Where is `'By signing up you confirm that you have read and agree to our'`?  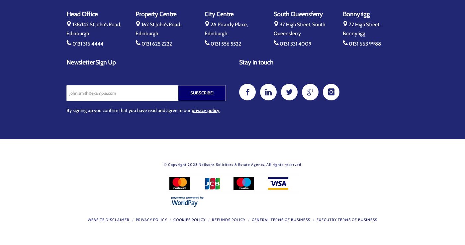
'By signing up you confirm that you have read and agree to our' is located at coordinates (66, 109).